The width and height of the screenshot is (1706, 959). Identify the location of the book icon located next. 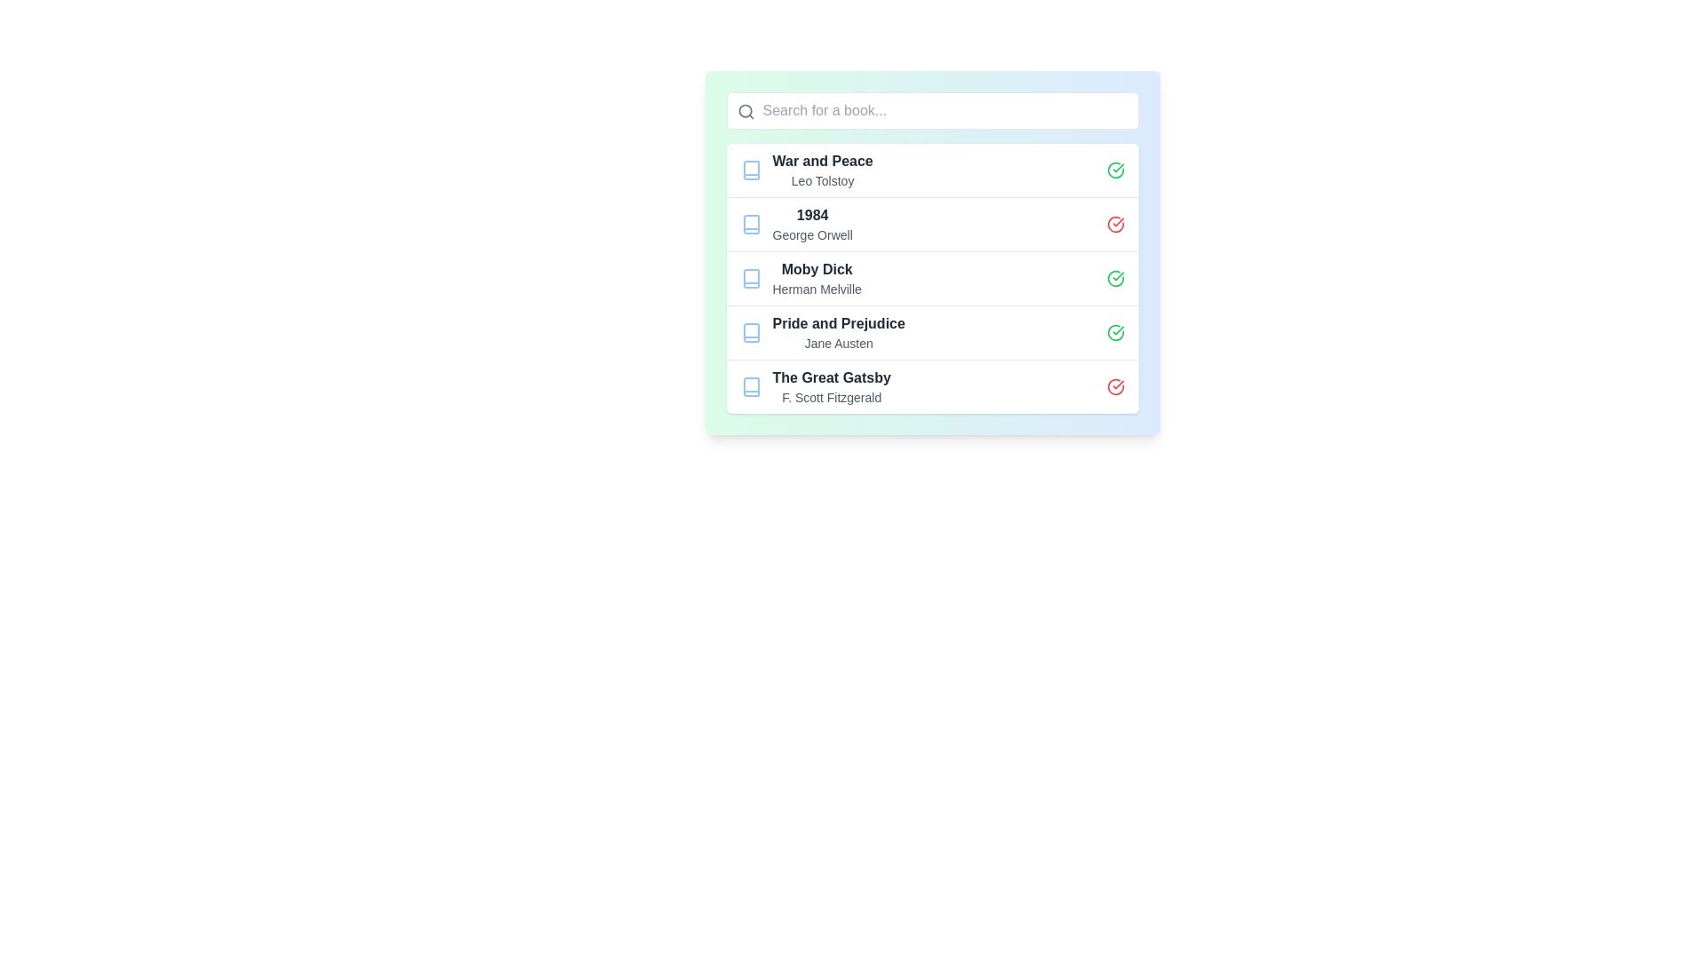
(751, 170).